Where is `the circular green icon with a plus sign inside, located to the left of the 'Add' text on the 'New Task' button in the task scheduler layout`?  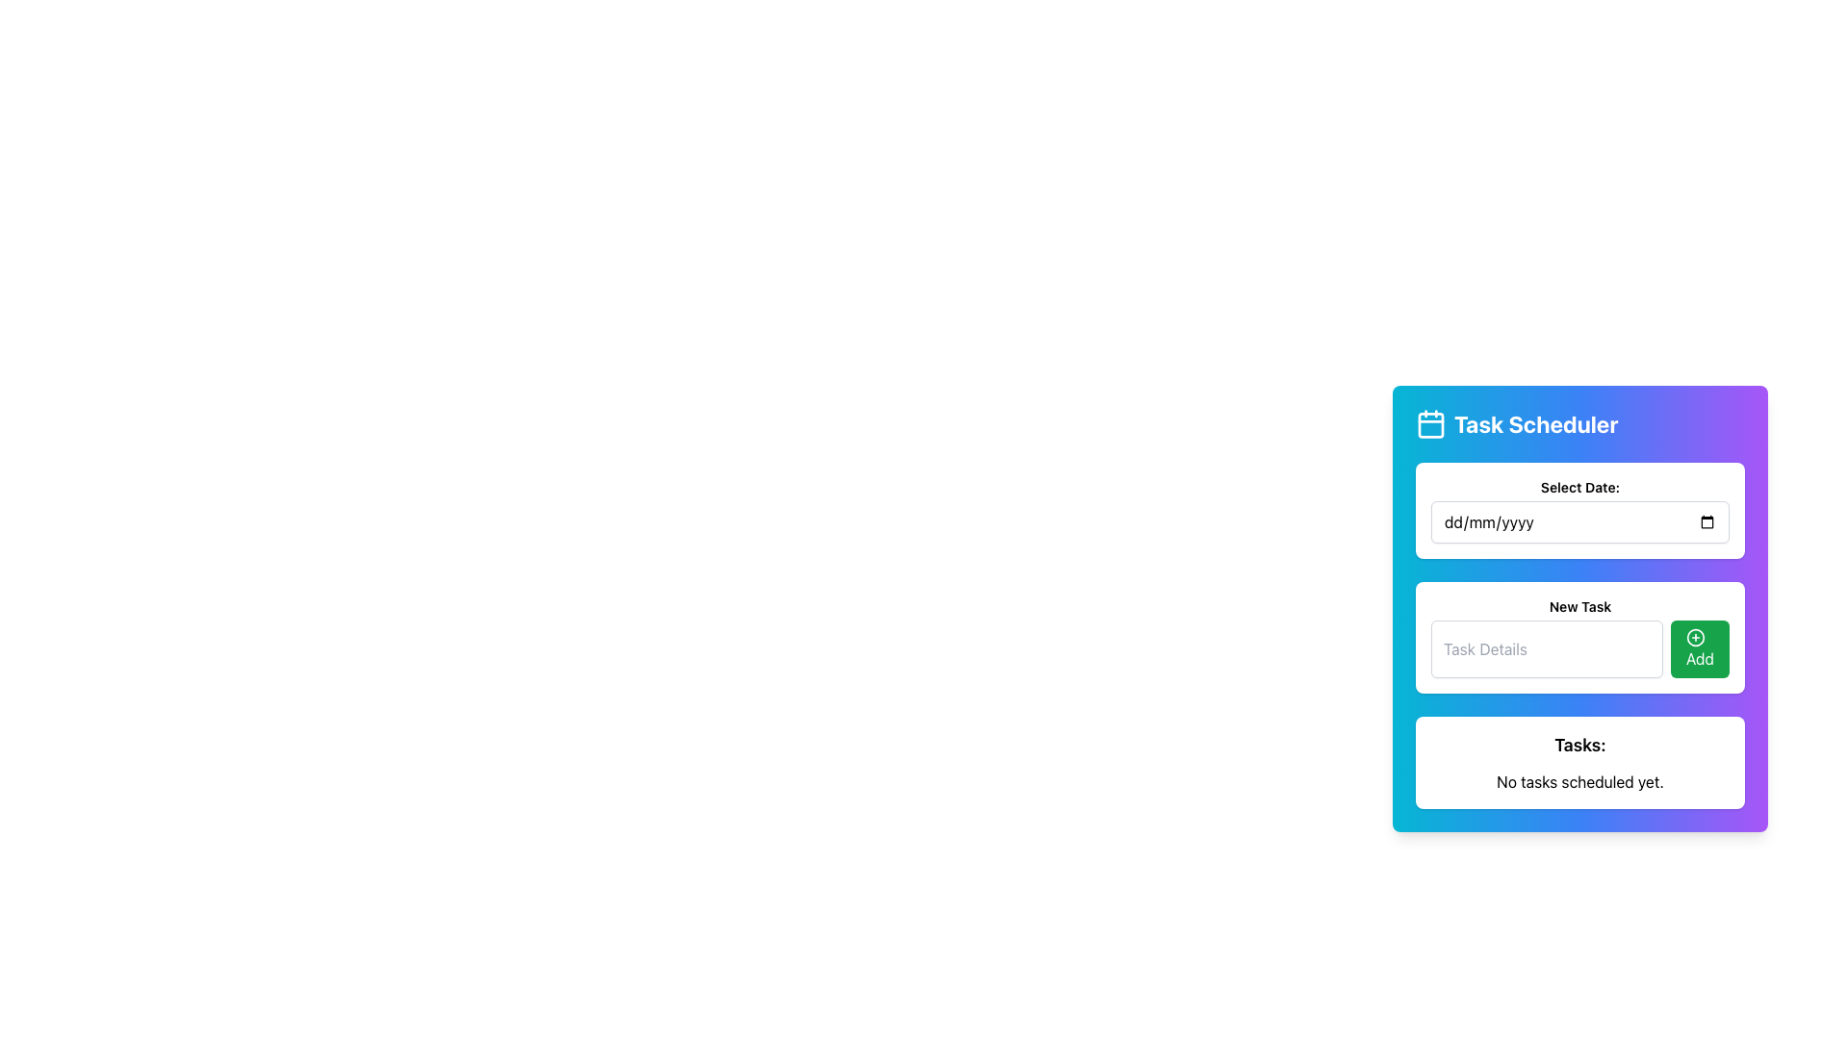
the circular green icon with a plus sign inside, located to the left of the 'Add' text on the 'New Task' button in the task scheduler layout is located at coordinates (1695, 638).